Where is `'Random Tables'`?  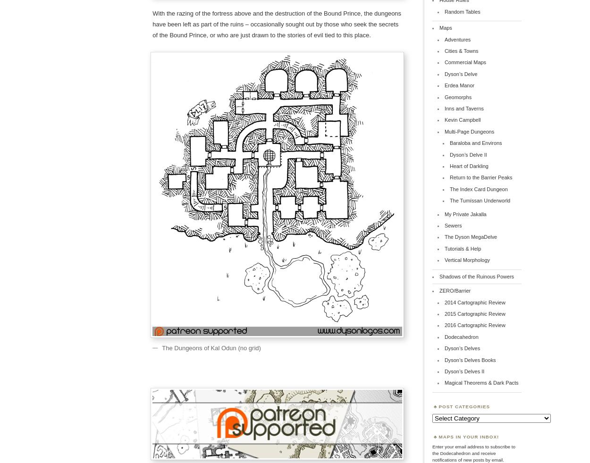 'Random Tables' is located at coordinates (462, 11).